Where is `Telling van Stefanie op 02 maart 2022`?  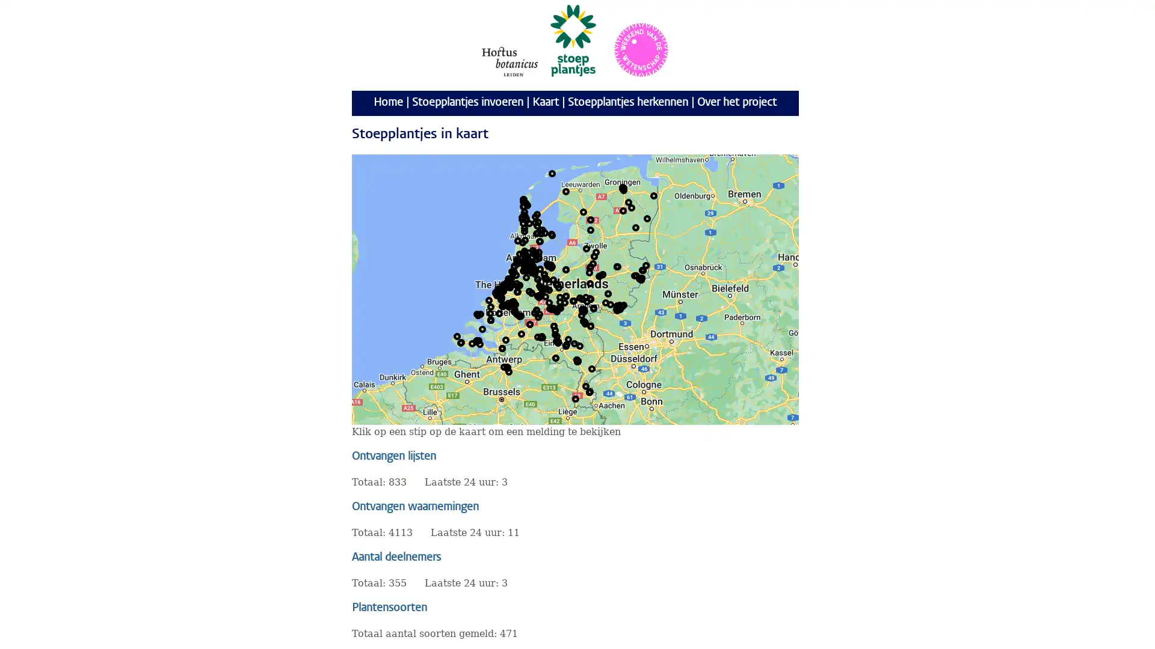 Telling van Stefanie op 02 maart 2022 is located at coordinates (498, 291).